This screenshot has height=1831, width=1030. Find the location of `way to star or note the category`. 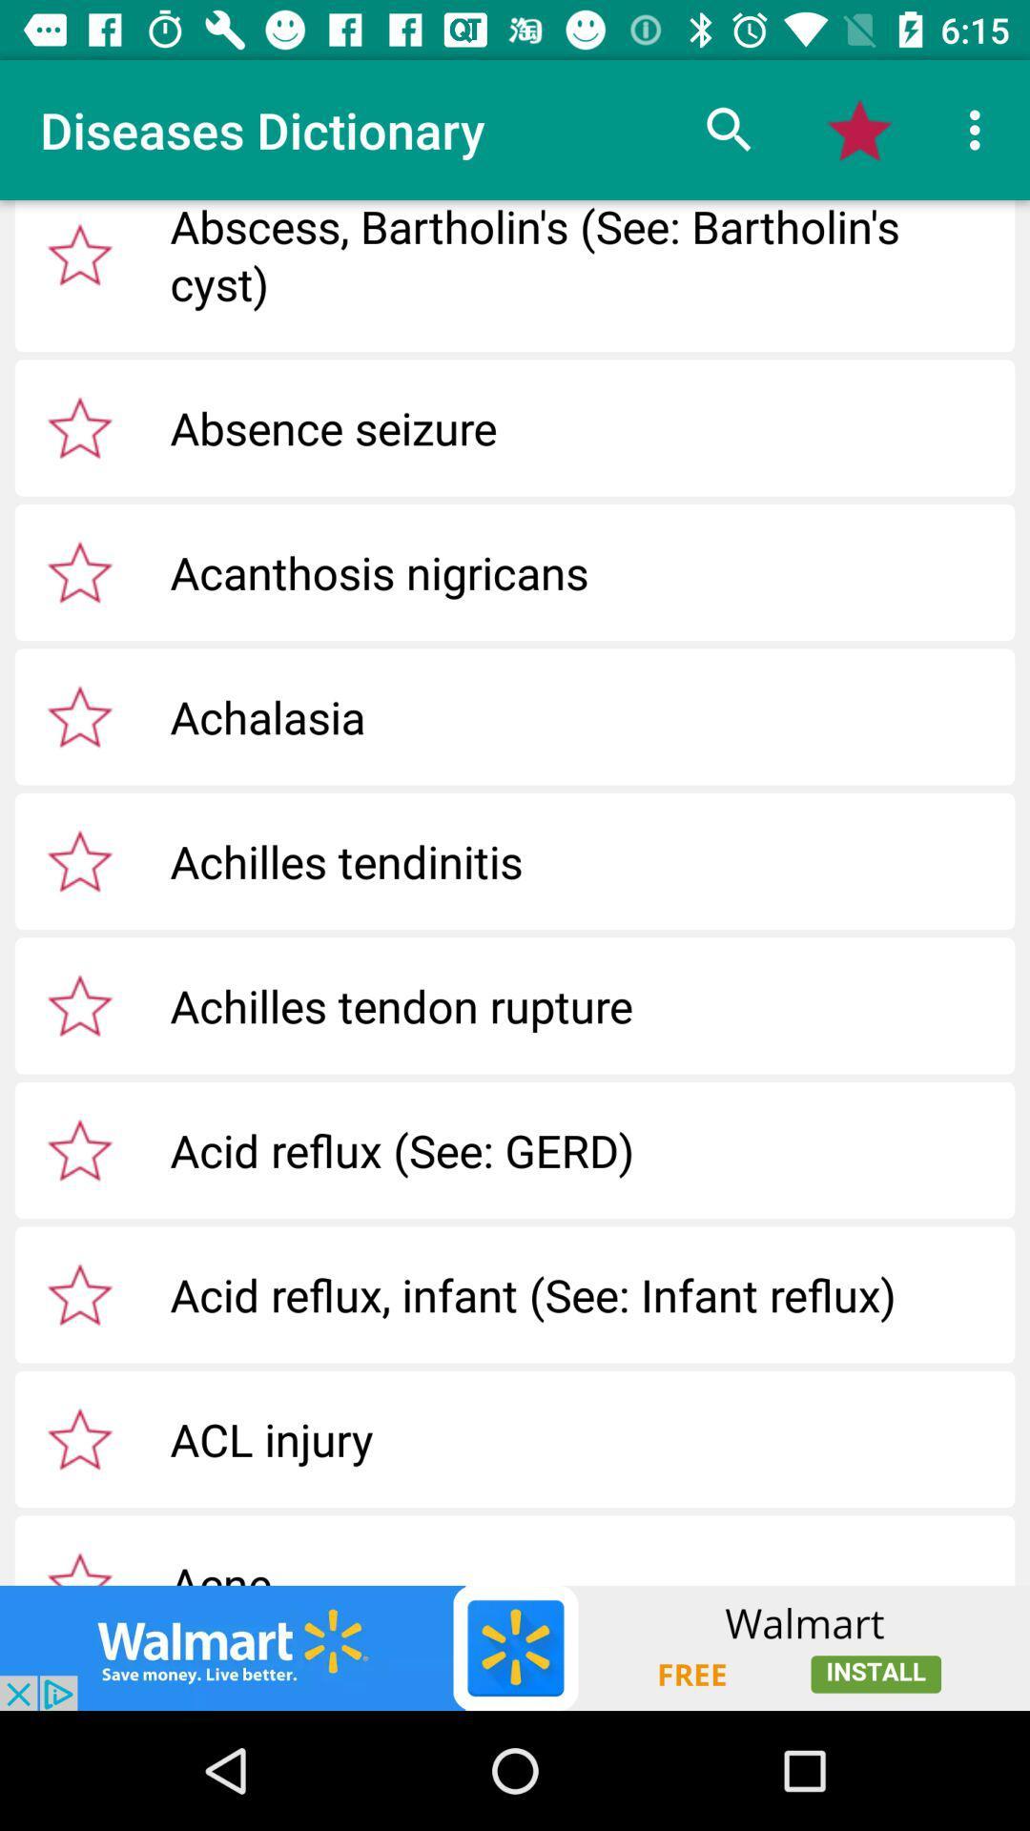

way to star or note the category is located at coordinates (79, 254).